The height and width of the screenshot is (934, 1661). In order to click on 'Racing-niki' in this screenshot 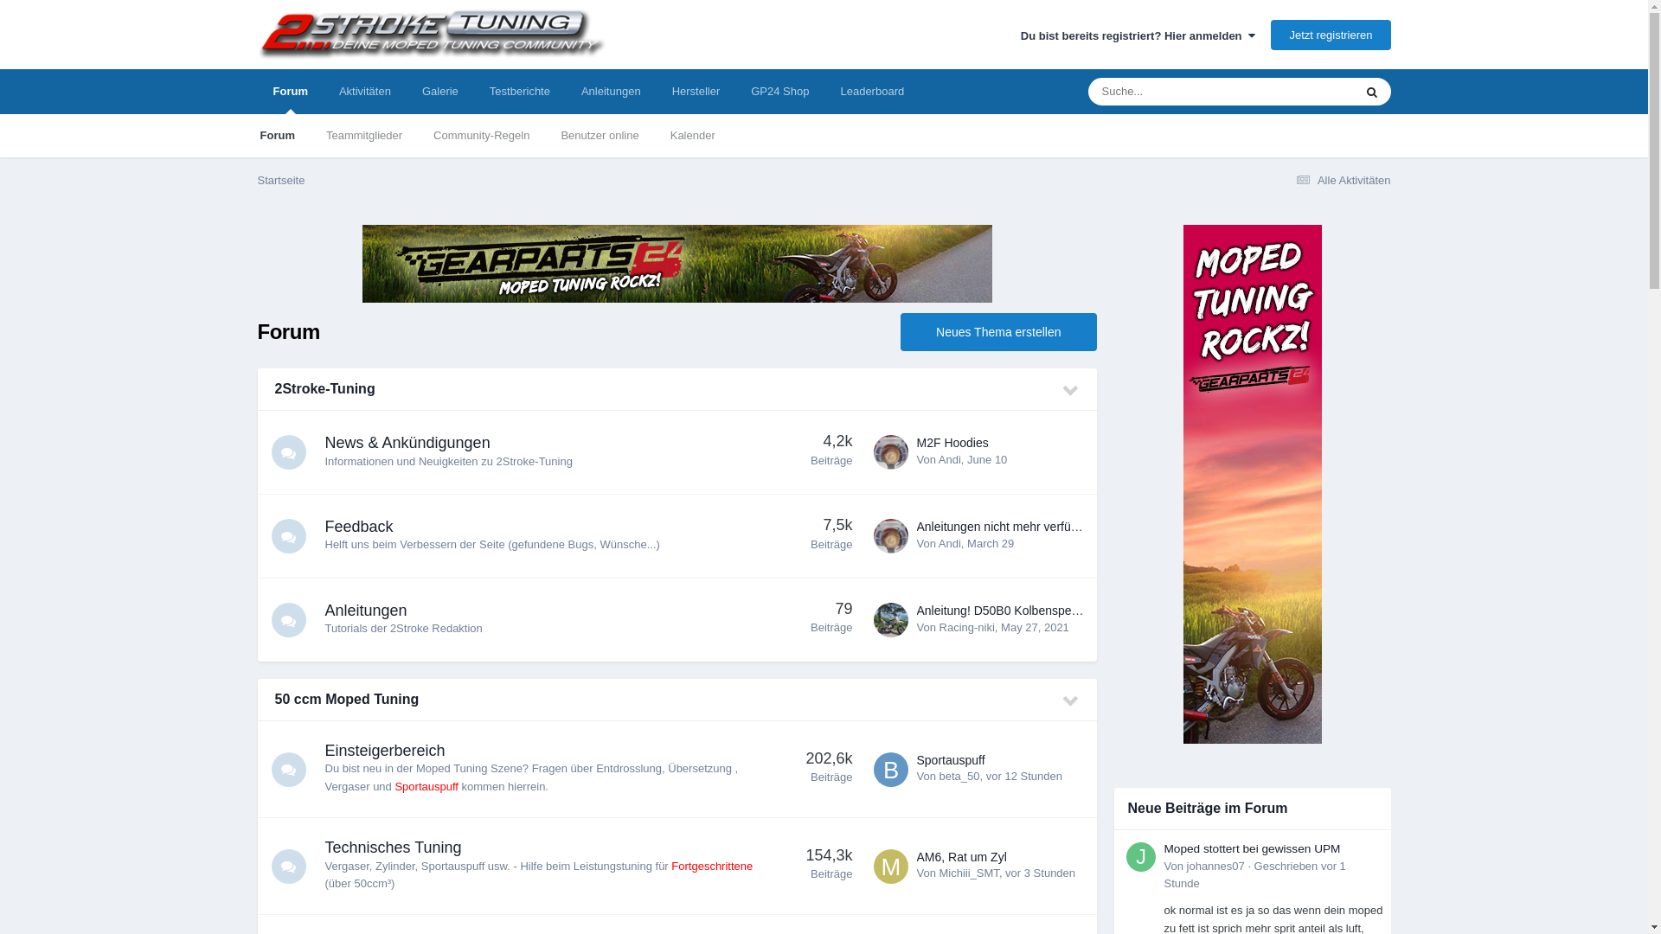, I will do `click(966, 627)`.